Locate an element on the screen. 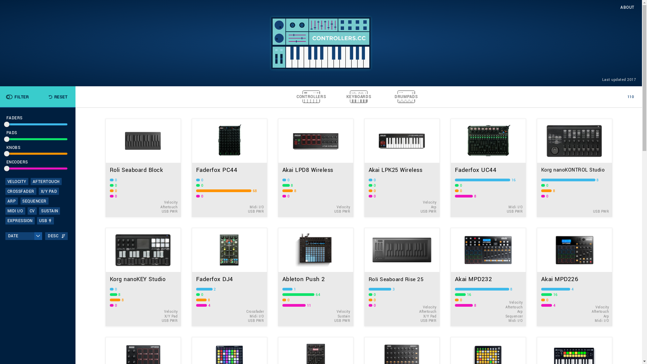 The width and height of the screenshot is (647, 364). 'AFTERTOUCH' is located at coordinates (46, 181).